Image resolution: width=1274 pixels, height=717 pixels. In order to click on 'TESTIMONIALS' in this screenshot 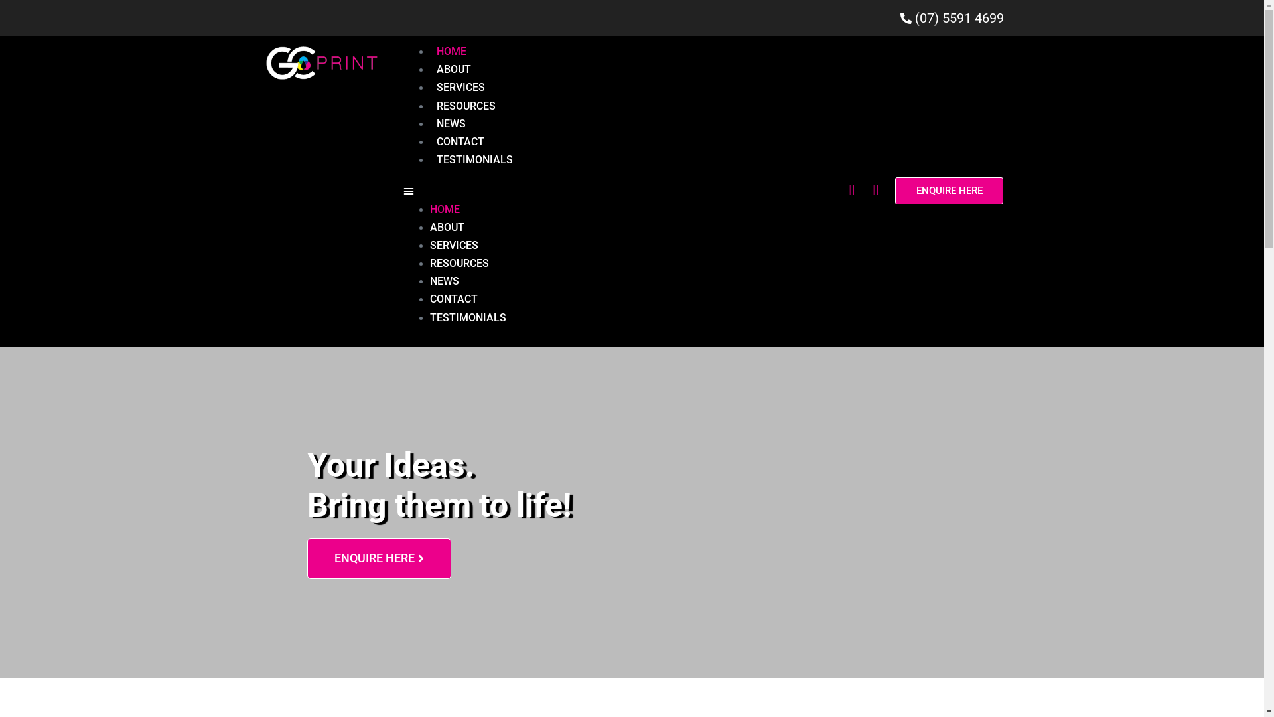, I will do `click(474, 159)`.